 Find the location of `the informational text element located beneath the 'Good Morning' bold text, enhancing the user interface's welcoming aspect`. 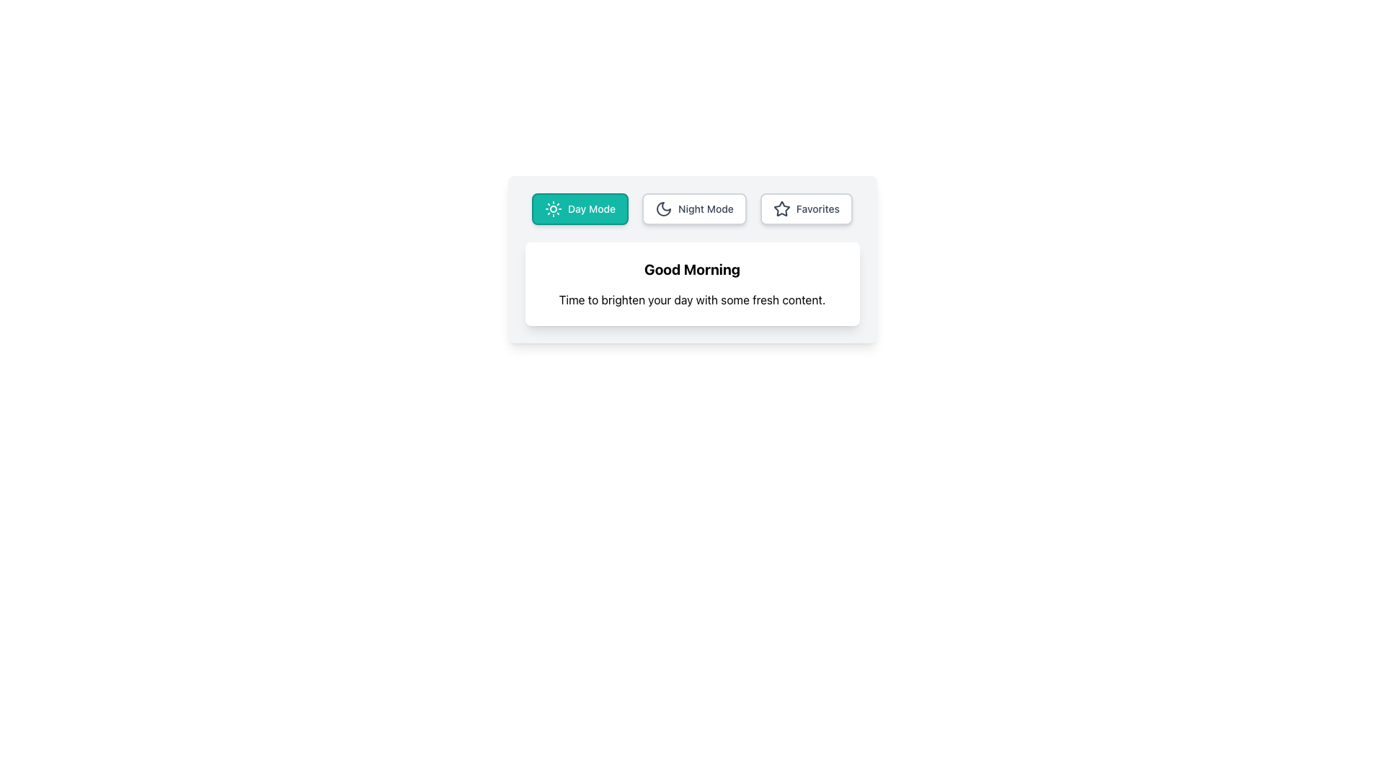

the informational text element located beneath the 'Good Morning' bold text, enhancing the user interface's welcoming aspect is located at coordinates (692, 299).